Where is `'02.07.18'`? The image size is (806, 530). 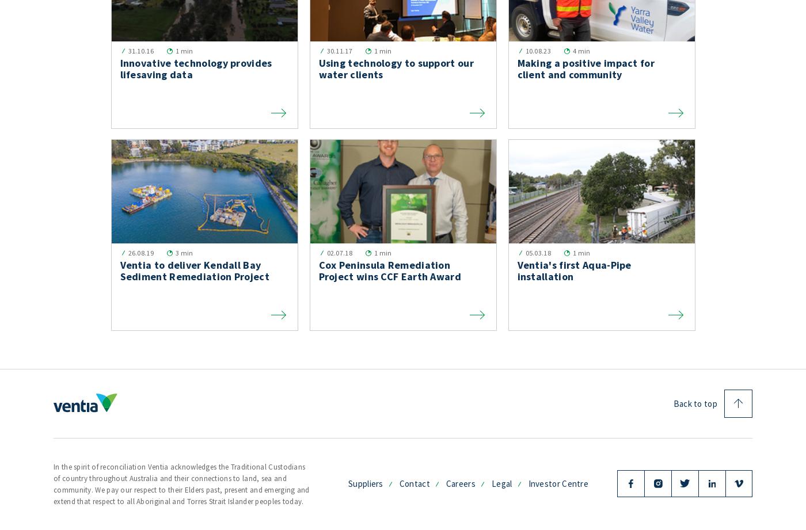 '02.07.18' is located at coordinates (339, 253).